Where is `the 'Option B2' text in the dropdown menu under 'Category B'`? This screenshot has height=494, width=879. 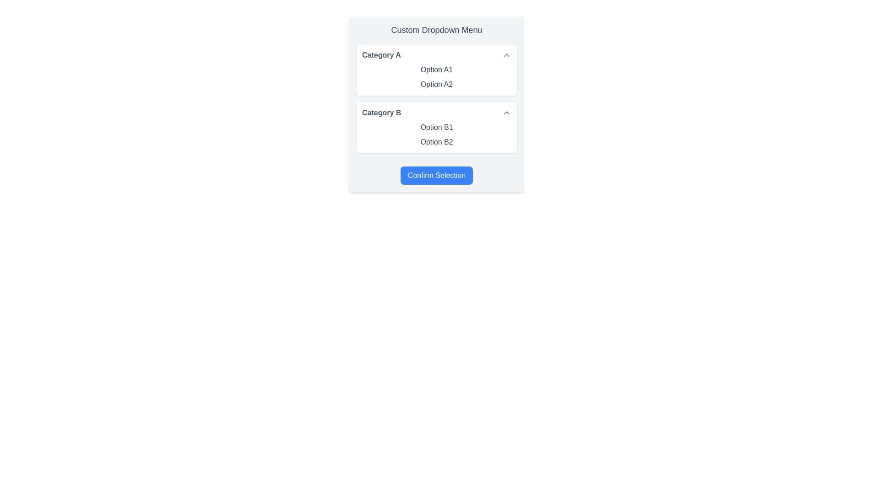 the 'Option B2' text in the dropdown menu under 'Category B' is located at coordinates (436, 142).